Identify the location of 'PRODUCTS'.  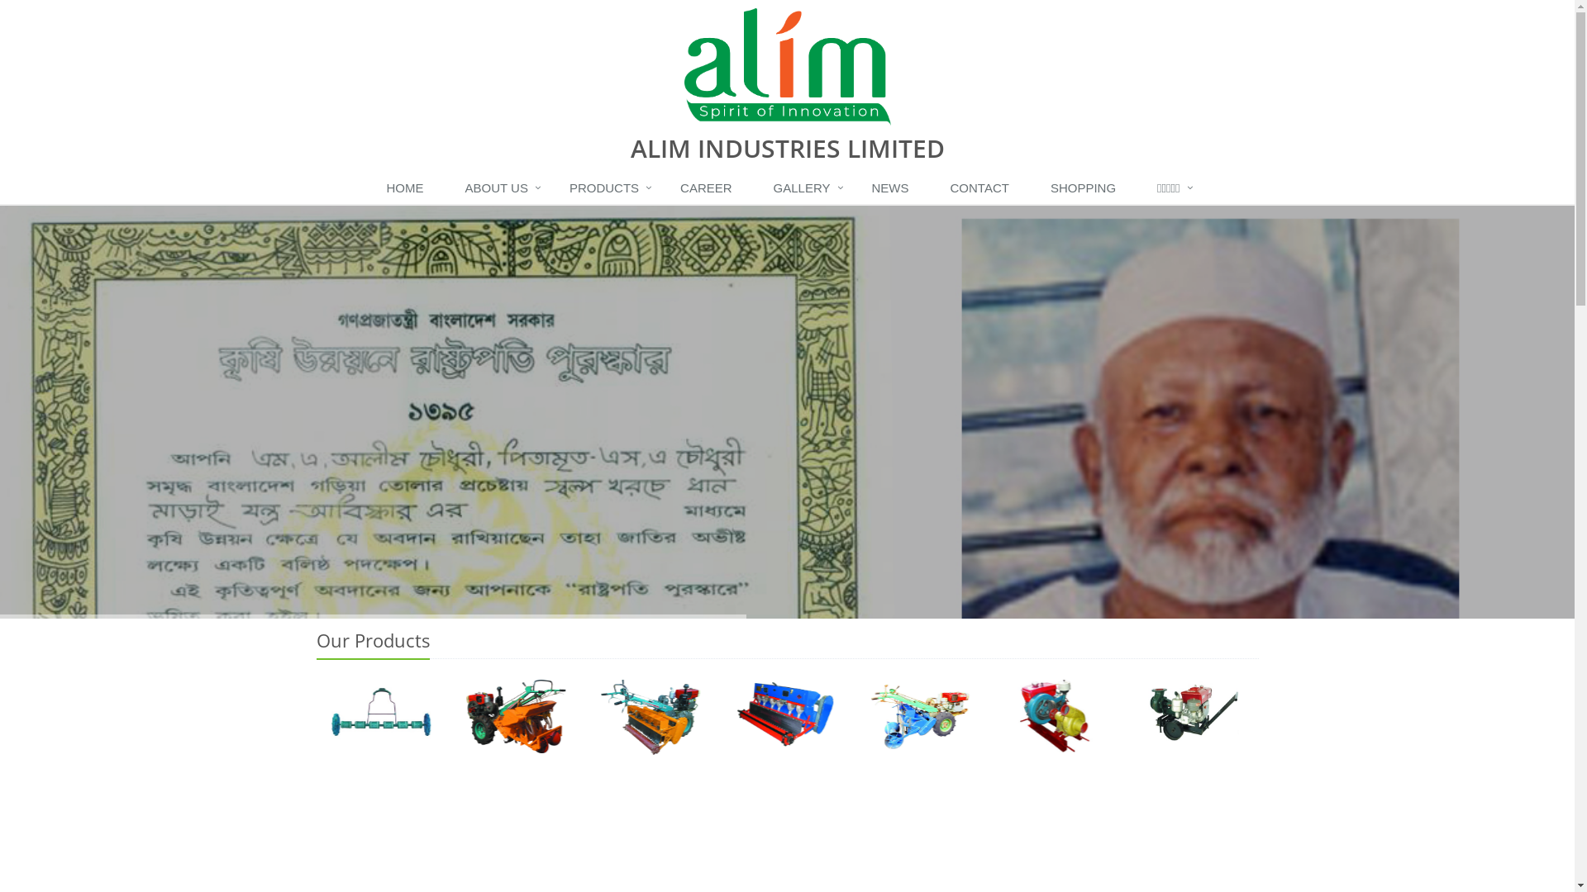
(607, 187).